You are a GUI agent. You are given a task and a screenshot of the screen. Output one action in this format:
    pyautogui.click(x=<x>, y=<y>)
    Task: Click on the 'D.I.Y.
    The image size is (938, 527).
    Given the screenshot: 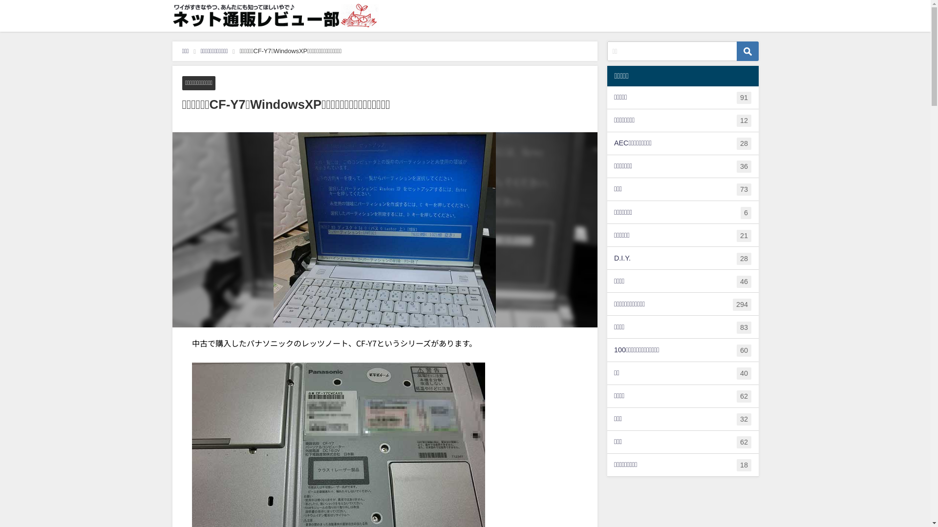 What is the action you would take?
    pyautogui.click(x=682, y=257)
    